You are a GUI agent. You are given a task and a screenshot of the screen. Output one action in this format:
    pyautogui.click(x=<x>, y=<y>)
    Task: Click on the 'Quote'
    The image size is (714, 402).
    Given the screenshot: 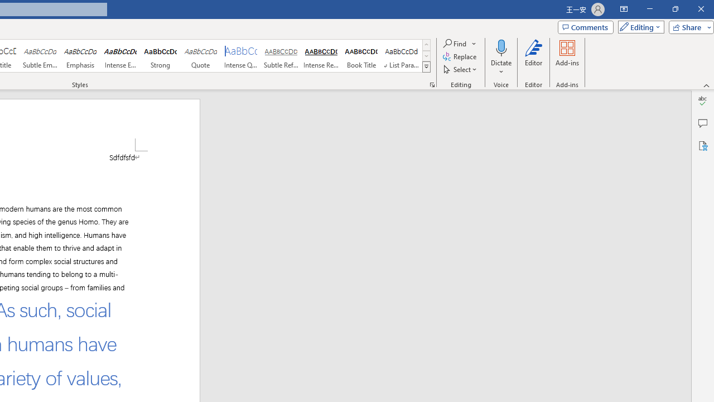 What is the action you would take?
    pyautogui.click(x=200, y=56)
    